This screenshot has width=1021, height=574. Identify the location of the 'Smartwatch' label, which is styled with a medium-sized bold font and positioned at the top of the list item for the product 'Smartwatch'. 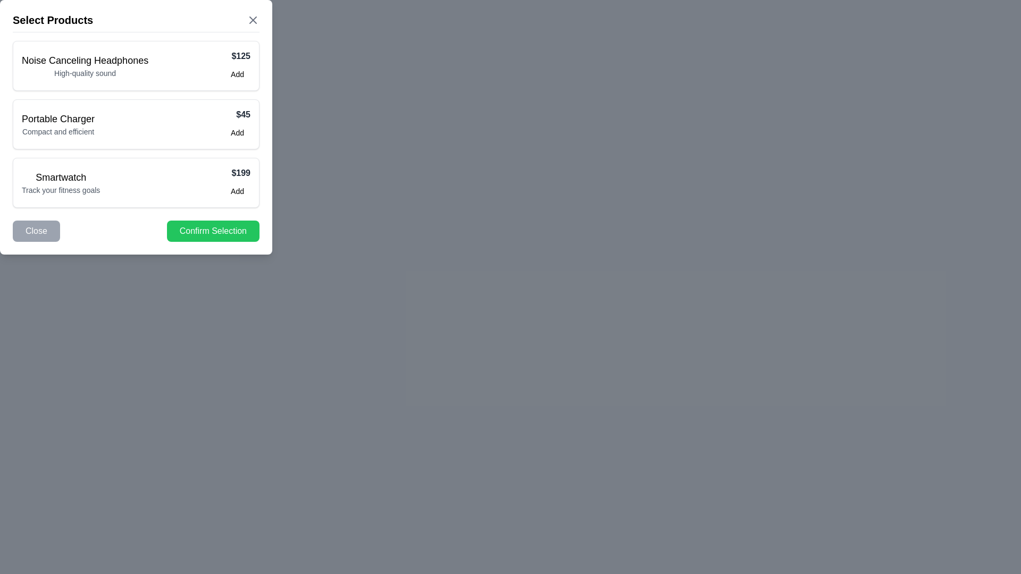
(60, 177).